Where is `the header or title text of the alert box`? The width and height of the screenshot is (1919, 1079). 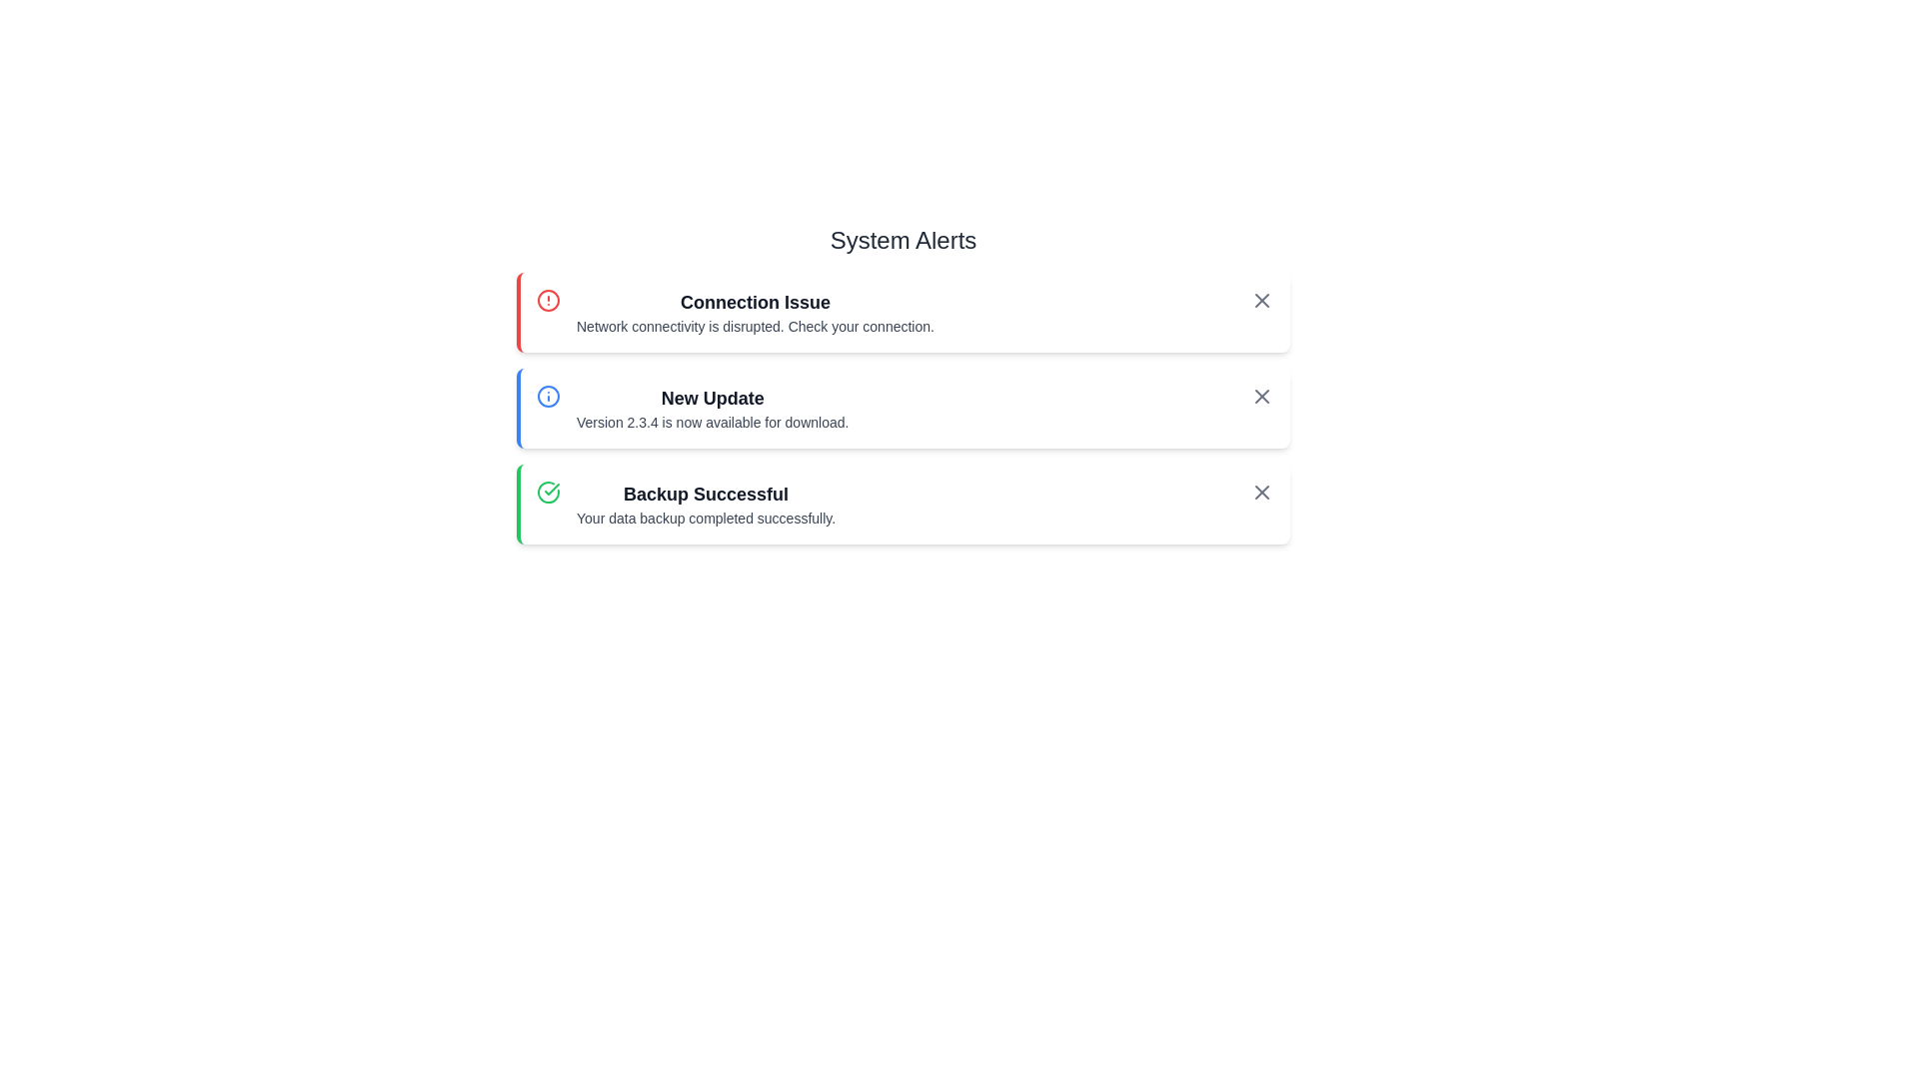 the header or title text of the alert box is located at coordinates (754, 303).